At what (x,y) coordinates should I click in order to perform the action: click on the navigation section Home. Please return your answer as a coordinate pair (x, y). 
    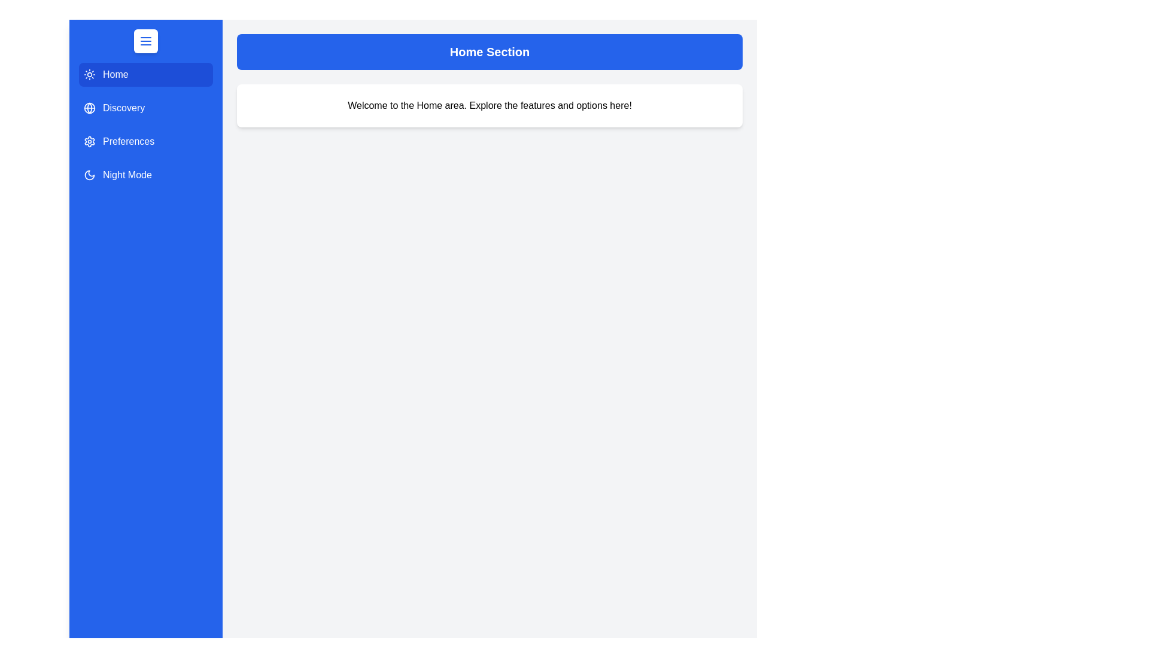
    Looking at the image, I should click on (145, 74).